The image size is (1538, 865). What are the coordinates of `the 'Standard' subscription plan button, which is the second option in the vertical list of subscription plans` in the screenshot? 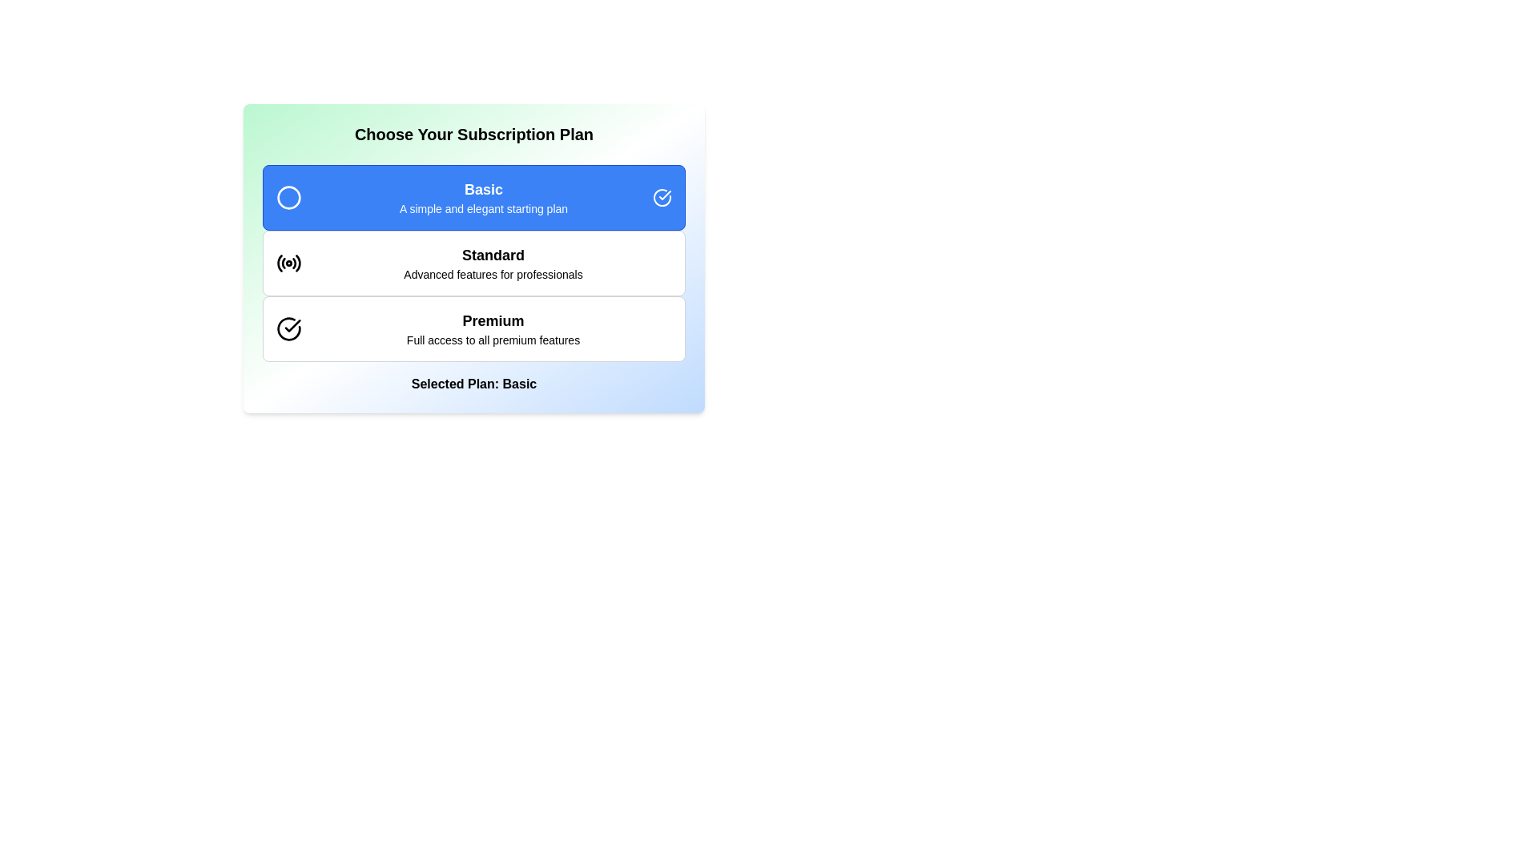 It's located at (492, 262).